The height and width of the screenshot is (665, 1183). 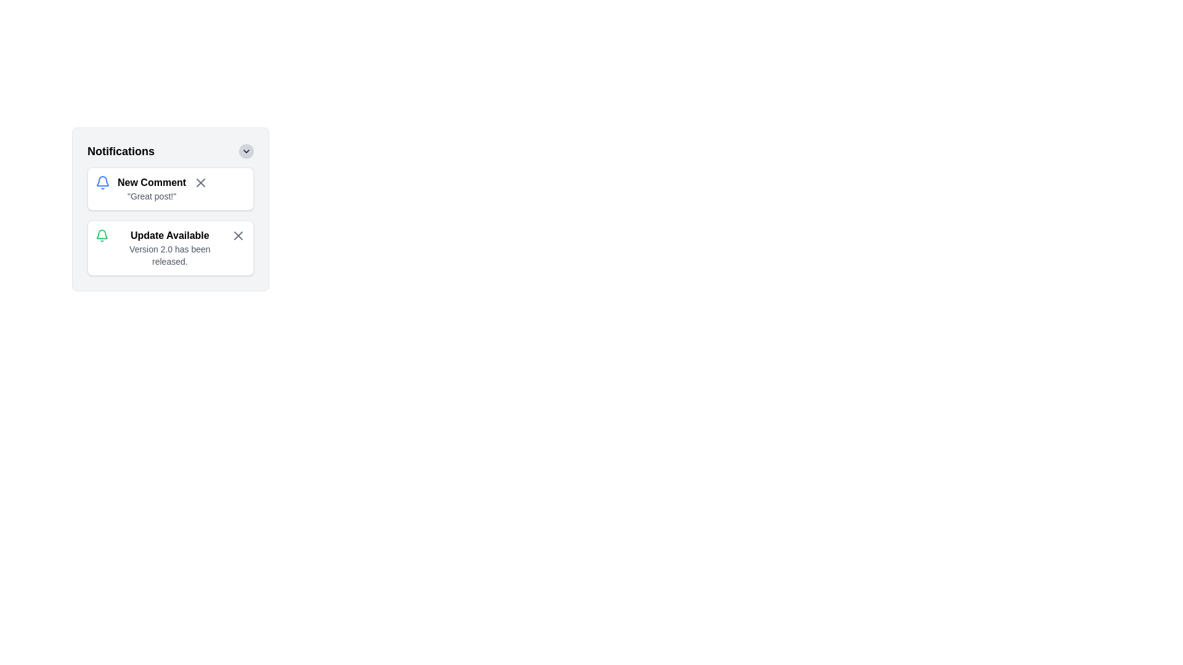 What do you see at coordinates (201, 183) in the screenshot?
I see `the close button represented by a gray 'X' icon, located to the far right of the 'New Comment' notification entry` at bounding box center [201, 183].